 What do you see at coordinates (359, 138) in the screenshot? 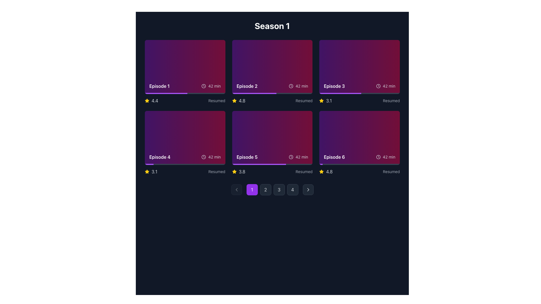
I see `the selection card for episode 6 located at the bottom-right of the second row in the episode grid layout` at bounding box center [359, 138].